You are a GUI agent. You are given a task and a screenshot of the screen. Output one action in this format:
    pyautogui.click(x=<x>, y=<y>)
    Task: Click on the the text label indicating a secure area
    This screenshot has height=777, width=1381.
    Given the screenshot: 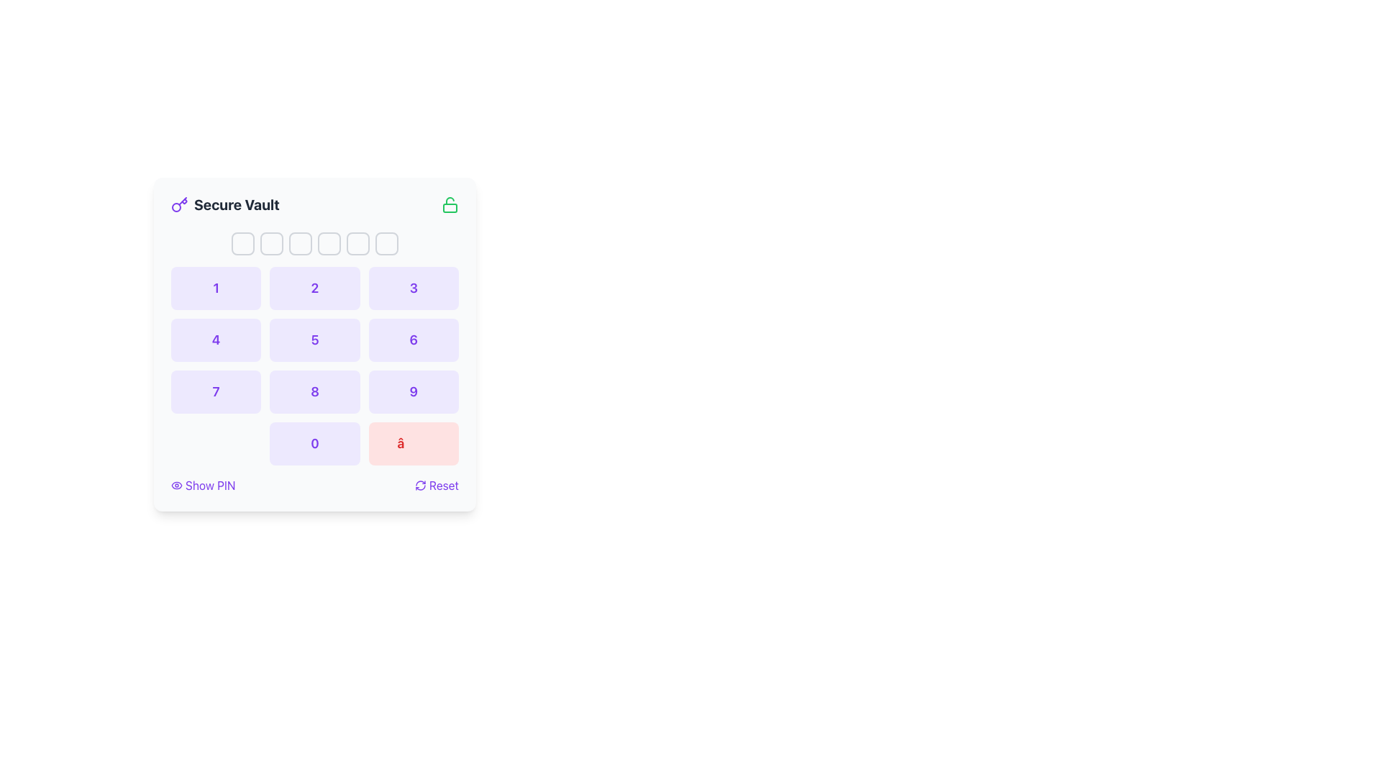 What is the action you would take?
    pyautogui.click(x=237, y=205)
    